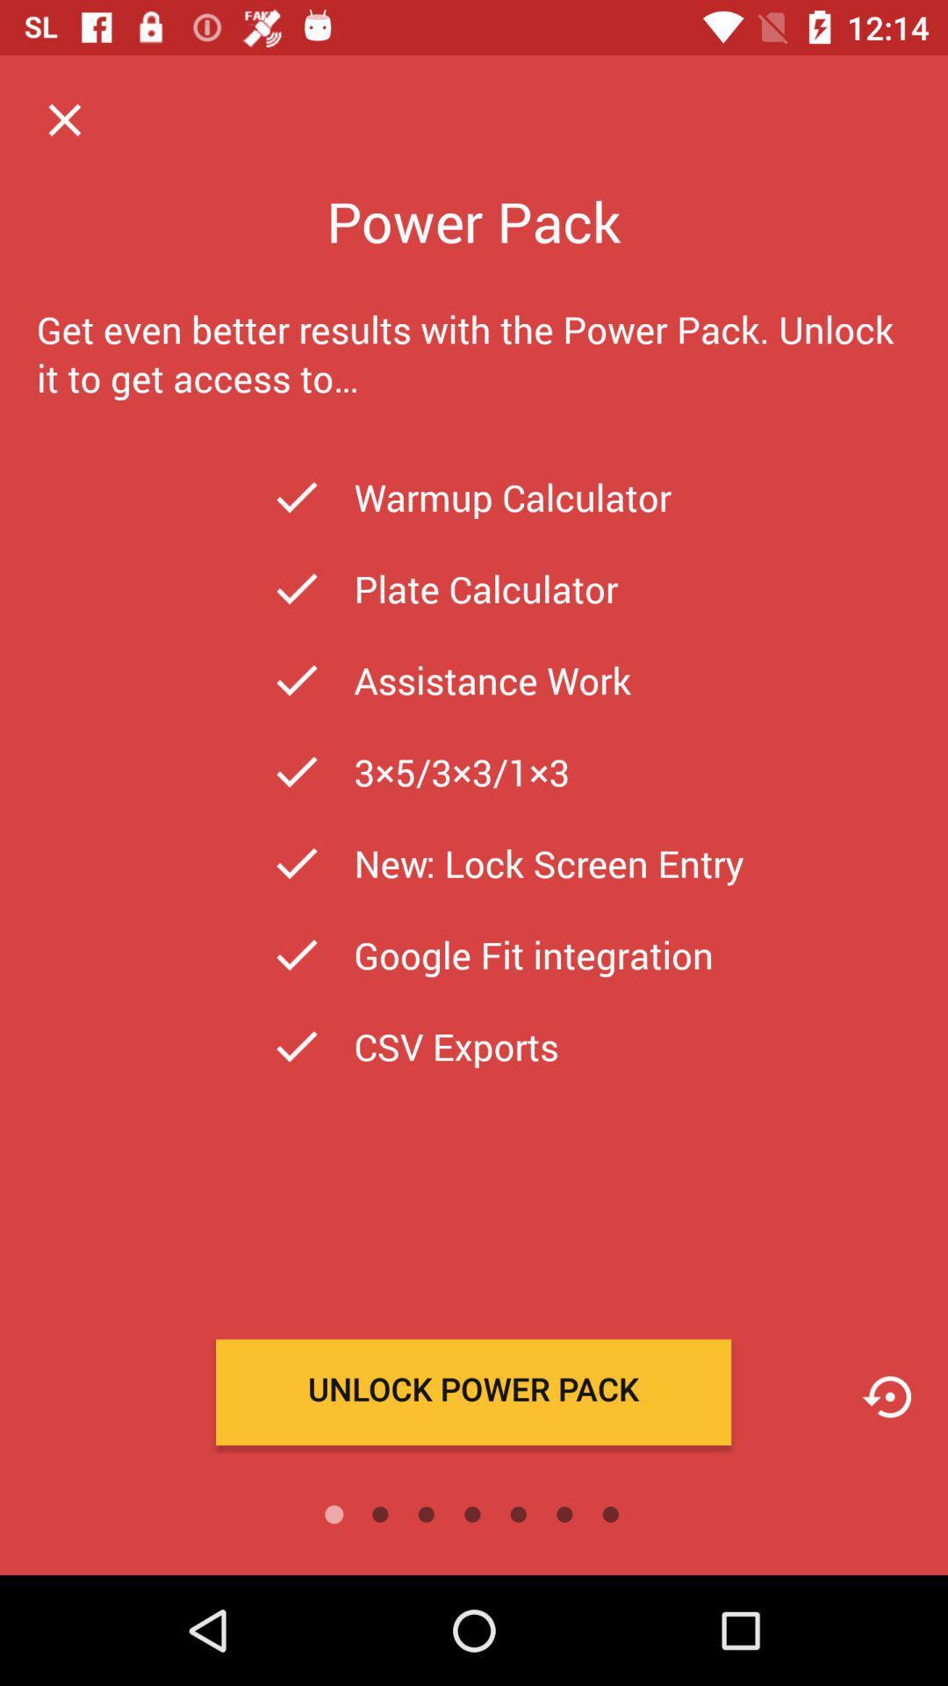  What do you see at coordinates (887, 1396) in the screenshot?
I see `stronglifts 5x5 weight lifting gym workout log` at bounding box center [887, 1396].